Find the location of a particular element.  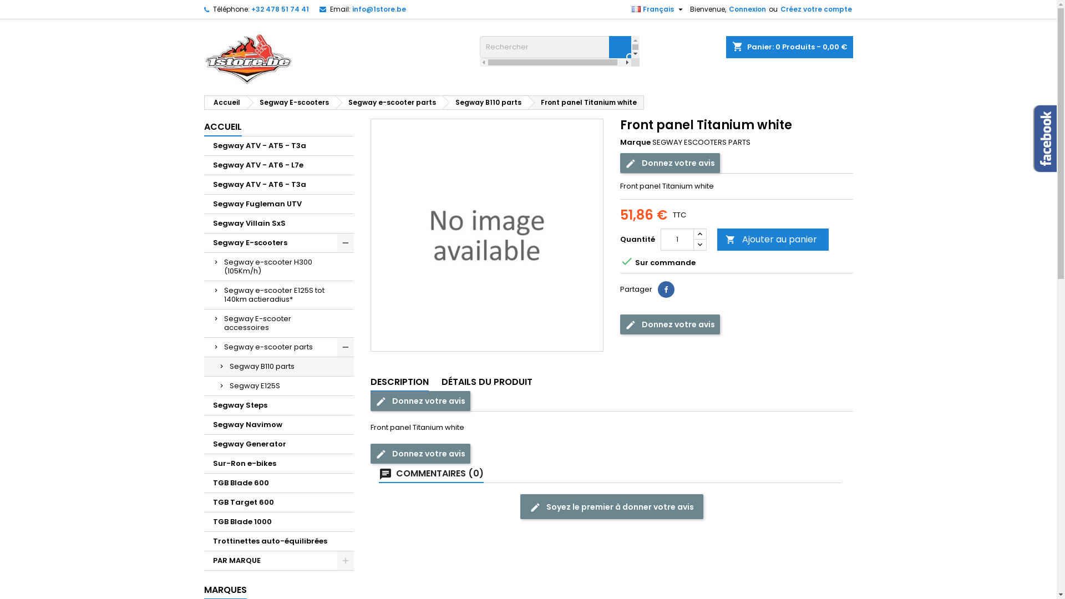

'Segway Fugleman UTV' is located at coordinates (204, 204).